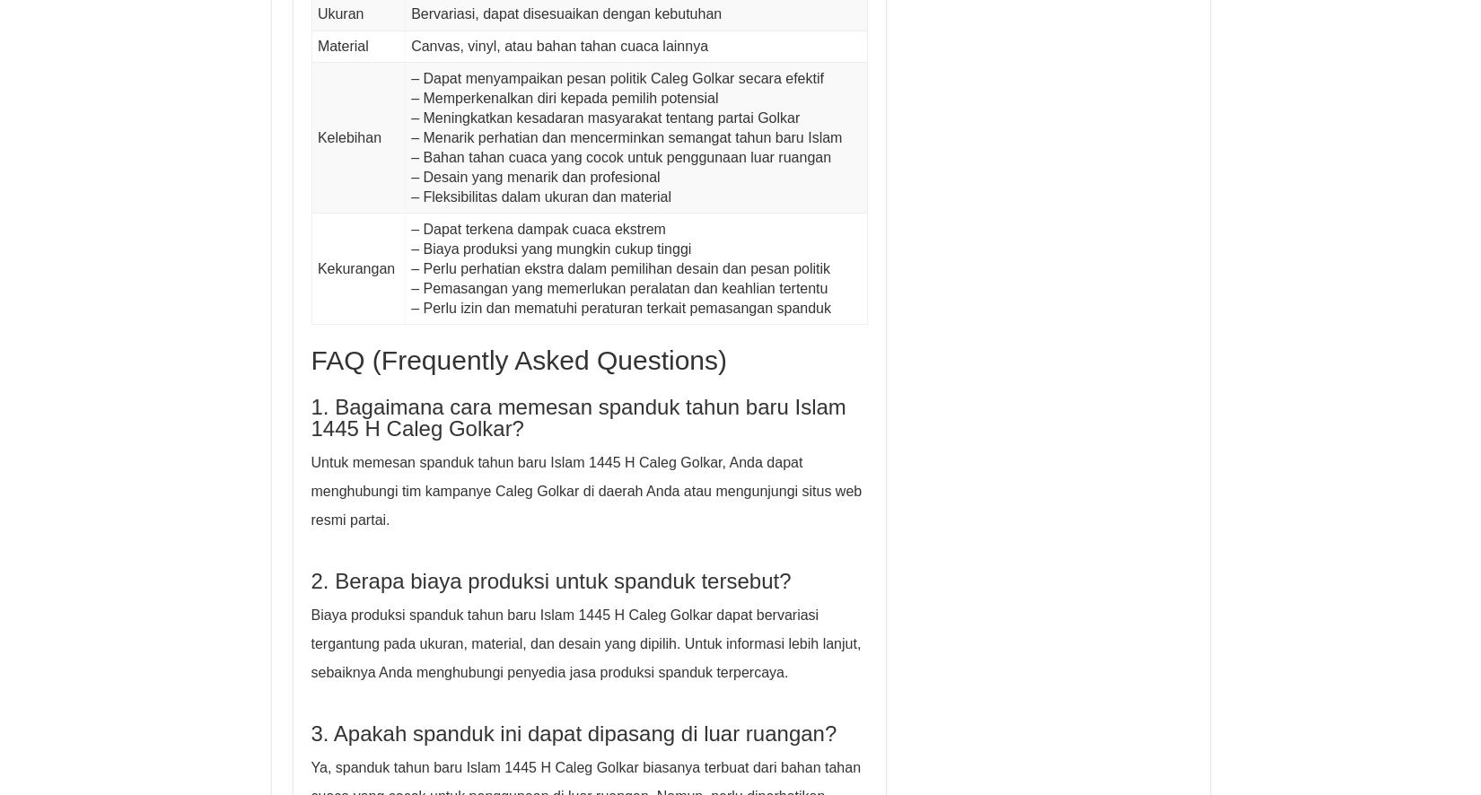 This screenshot has height=795, width=1481. Describe the element at coordinates (576, 417) in the screenshot. I see `'1. Bagaimana cara memesan spanduk tahun baru Islam 1445 H Caleg Golkar?'` at that location.